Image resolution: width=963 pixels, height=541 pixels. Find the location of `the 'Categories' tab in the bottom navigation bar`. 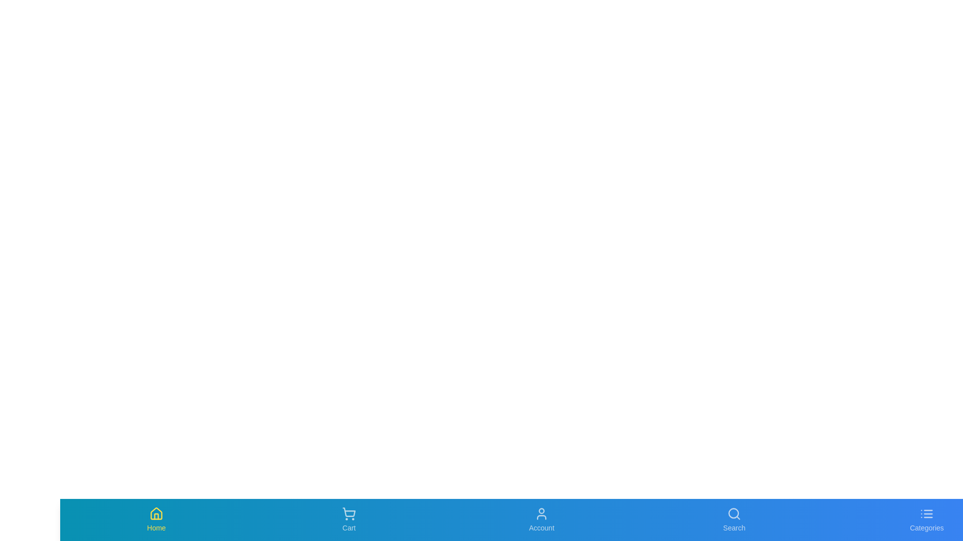

the 'Categories' tab in the bottom navigation bar is located at coordinates (926, 519).